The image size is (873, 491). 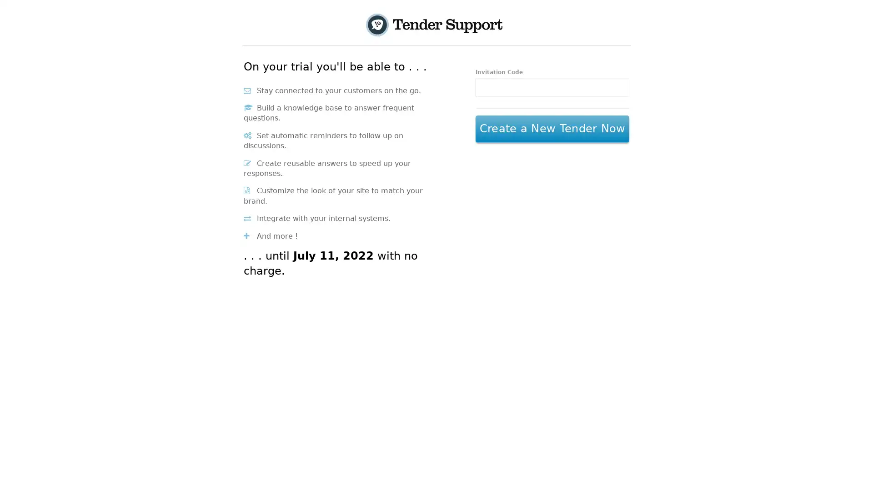 I want to click on Create a New Tender Now, so click(x=552, y=129).